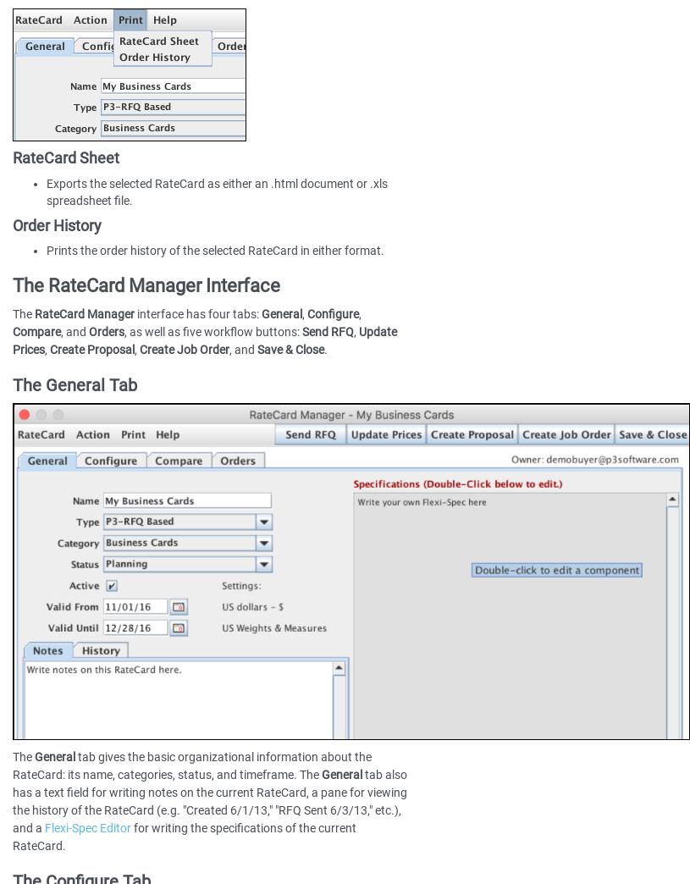 Image resolution: width=690 pixels, height=884 pixels. I want to click on ', as well as five workflow buttons:', so click(124, 330).